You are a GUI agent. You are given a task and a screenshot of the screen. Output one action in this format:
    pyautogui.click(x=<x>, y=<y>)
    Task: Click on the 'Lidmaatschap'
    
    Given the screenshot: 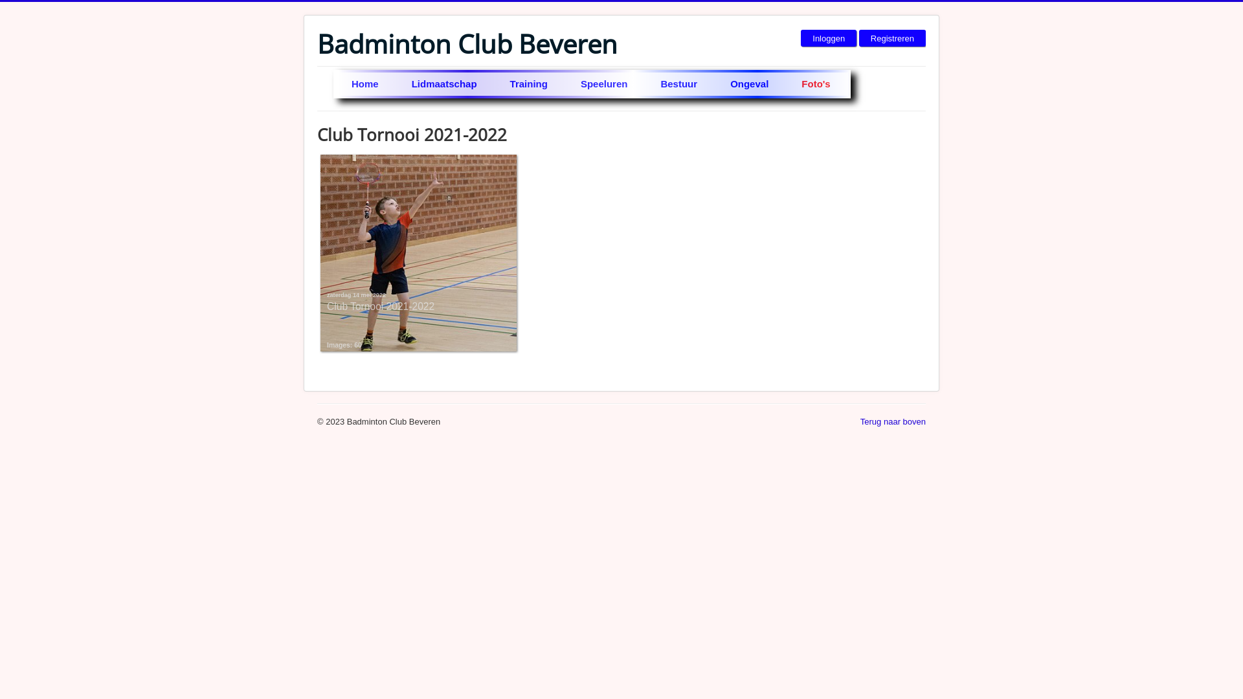 What is the action you would take?
    pyautogui.click(x=395, y=84)
    